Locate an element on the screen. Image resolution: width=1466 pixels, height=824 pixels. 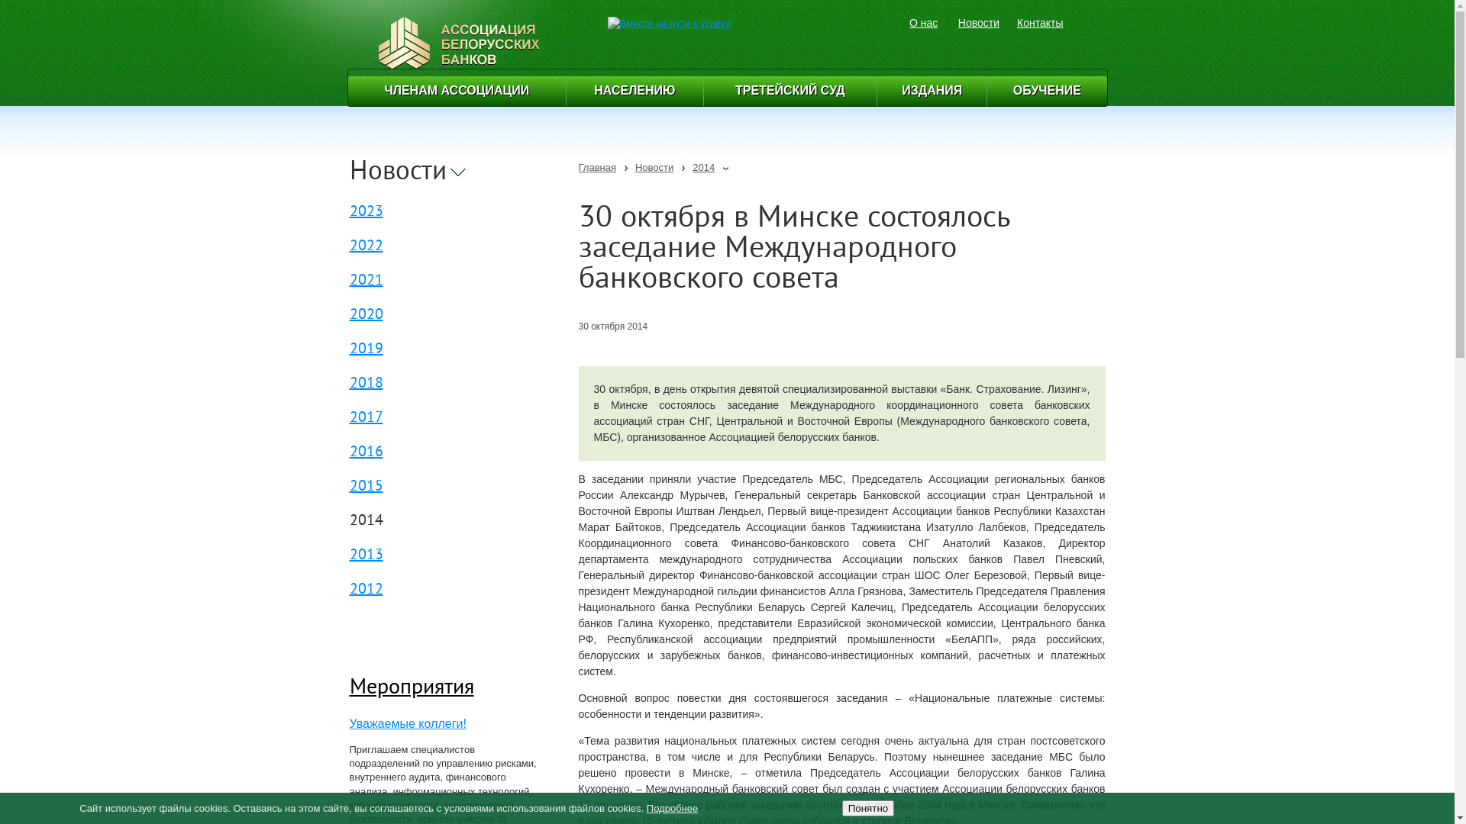
'2016' is located at coordinates (348, 452).